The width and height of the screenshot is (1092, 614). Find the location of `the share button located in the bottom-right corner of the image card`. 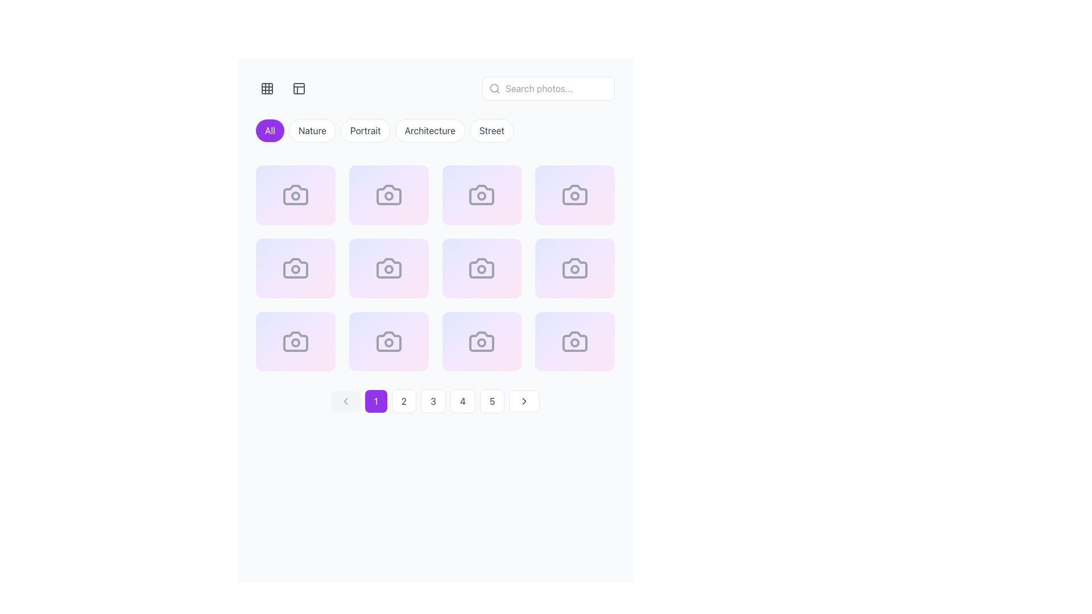

the share button located in the bottom-right corner of the image card is located at coordinates (580, 352).